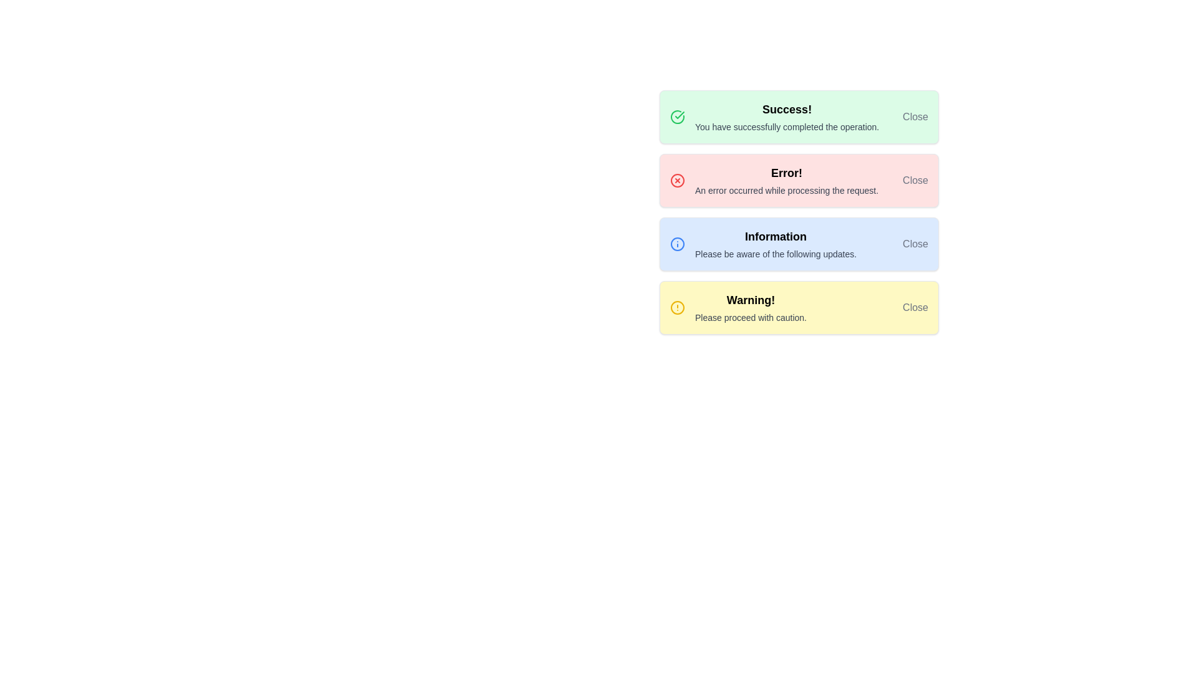  I want to click on error message displayed in the text block beneath the 'Error!' title in the red error message box, so click(786, 190).